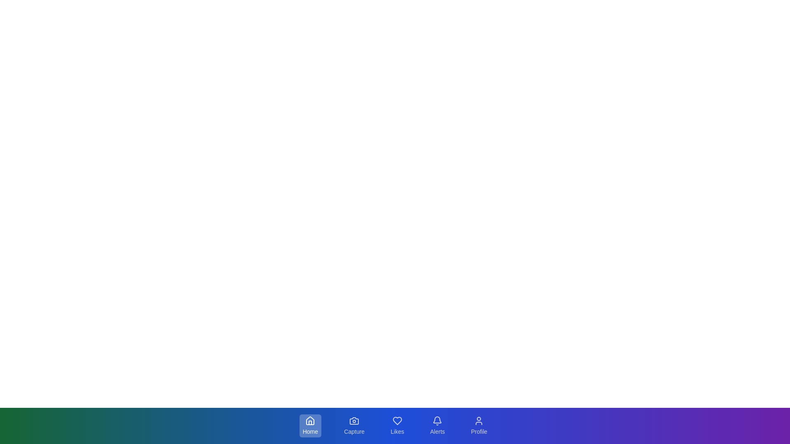 The width and height of the screenshot is (790, 444). What do you see at coordinates (354, 425) in the screenshot?
I see `the button labeled Capture to observe the visual feedback` at bounding box center [354, 425].